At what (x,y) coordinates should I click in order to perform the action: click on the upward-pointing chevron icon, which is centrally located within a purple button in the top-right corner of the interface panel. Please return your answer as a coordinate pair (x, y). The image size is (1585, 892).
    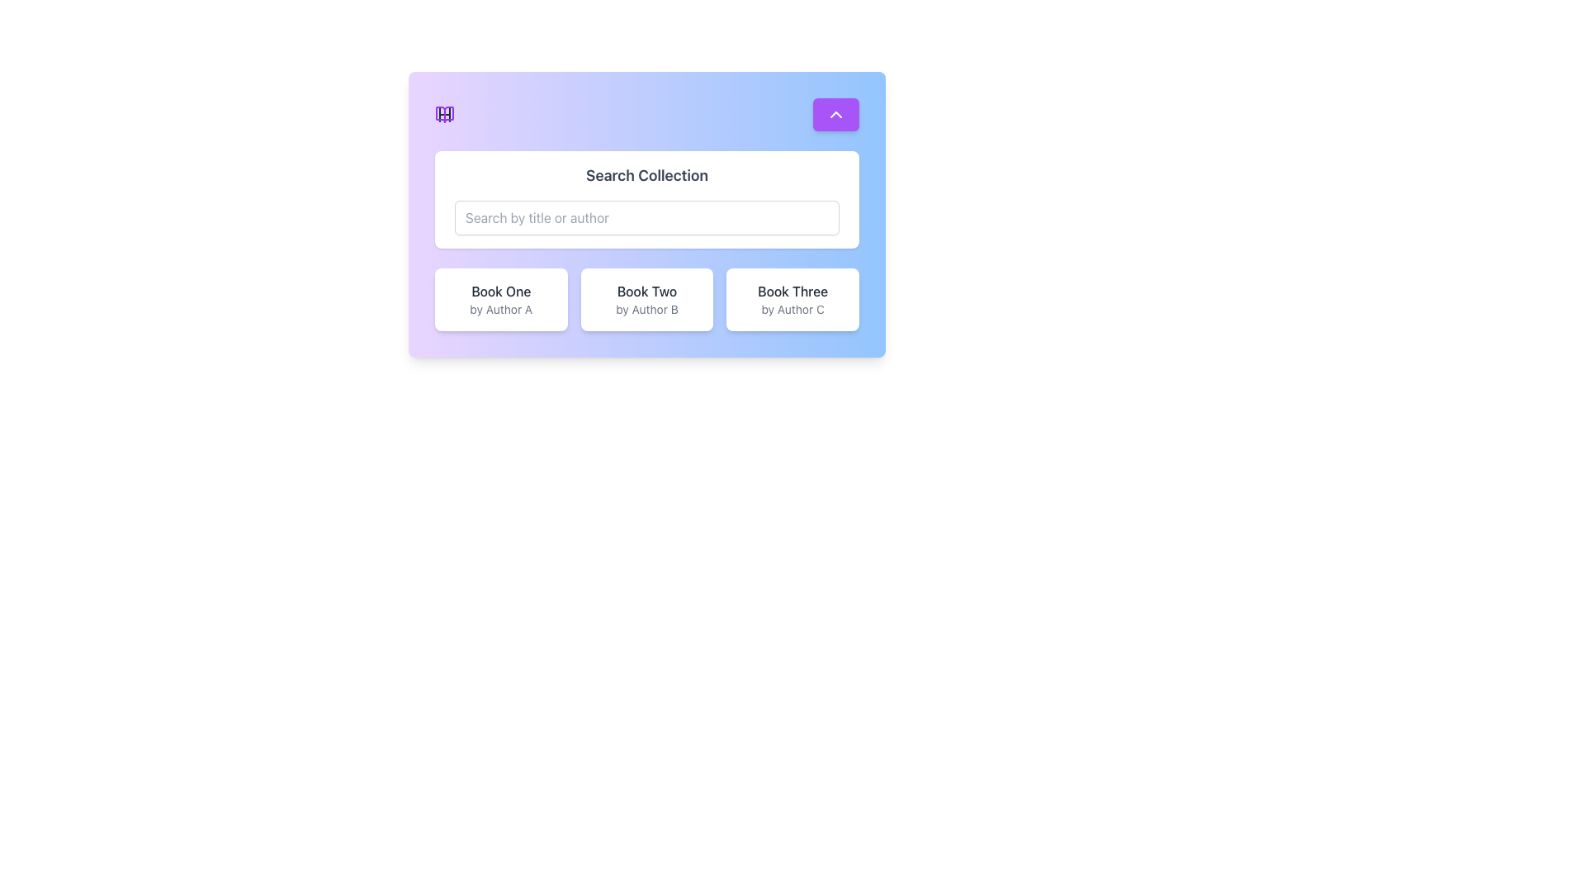
    Looking at the image, I should click on (835, 113).